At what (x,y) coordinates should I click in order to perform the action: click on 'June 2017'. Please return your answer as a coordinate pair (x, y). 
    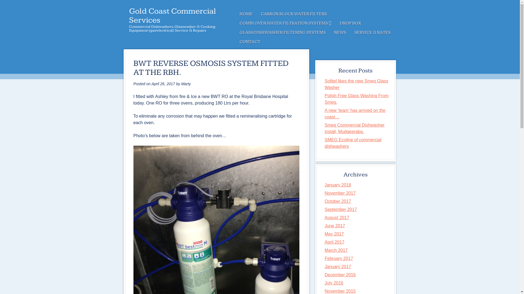
    Looking at the image, I should click on (335, 226).